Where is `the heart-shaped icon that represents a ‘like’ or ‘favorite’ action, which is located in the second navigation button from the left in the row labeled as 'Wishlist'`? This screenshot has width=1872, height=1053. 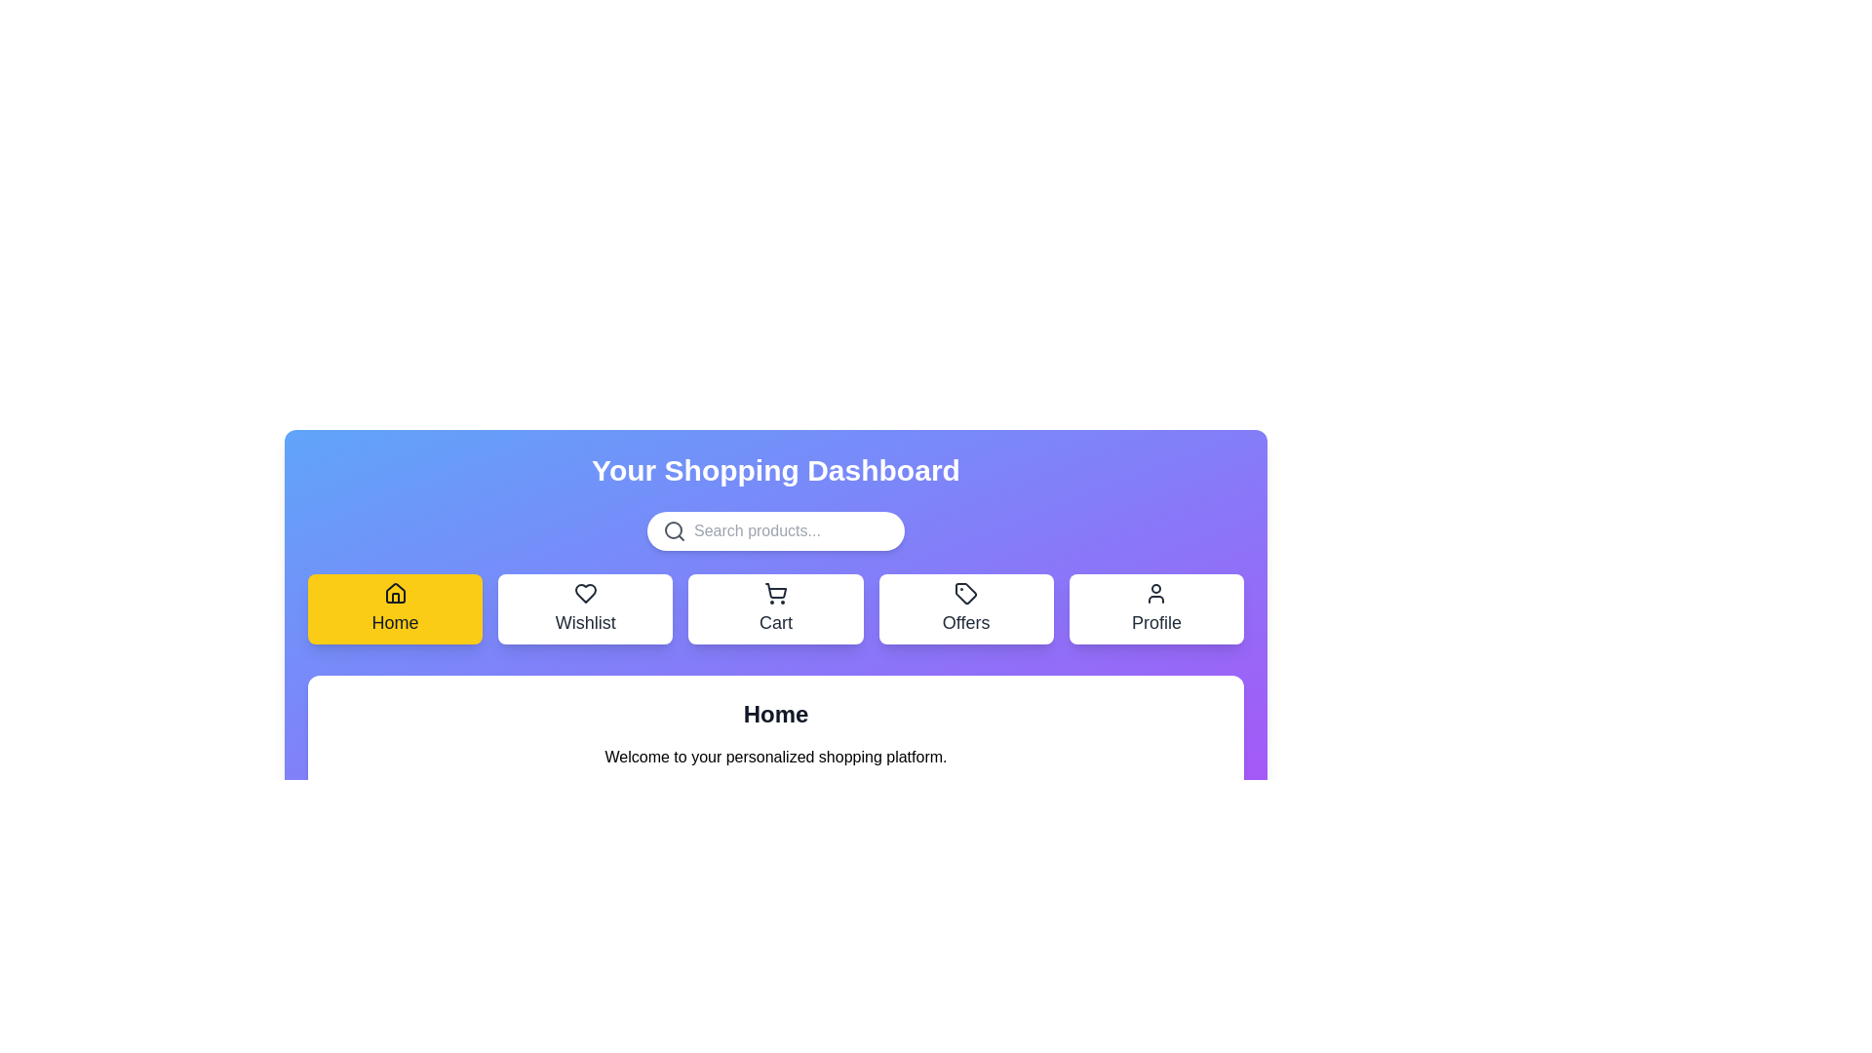 the heart-shaped icon that represents a ‘like’ or ‘favorite’ action, which is located in the second navigation button from the left in the row labeled as 'Wishlist' is located at coordinates (584, 593).